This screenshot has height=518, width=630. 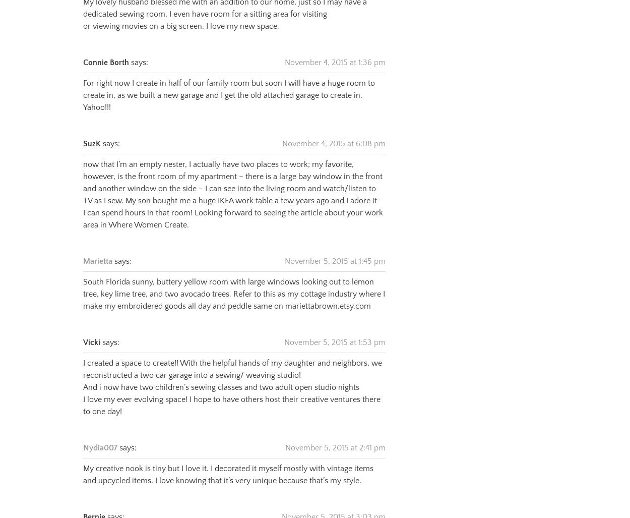 What do you see at coordinates (232, 356) in the screenshot?
I see `'I created a space to create!! With the helpful hands of my daughter and neighbors, we reconstructed a two car garage into a sewing/ weaving studio!'` at bounding box center [232, 356].